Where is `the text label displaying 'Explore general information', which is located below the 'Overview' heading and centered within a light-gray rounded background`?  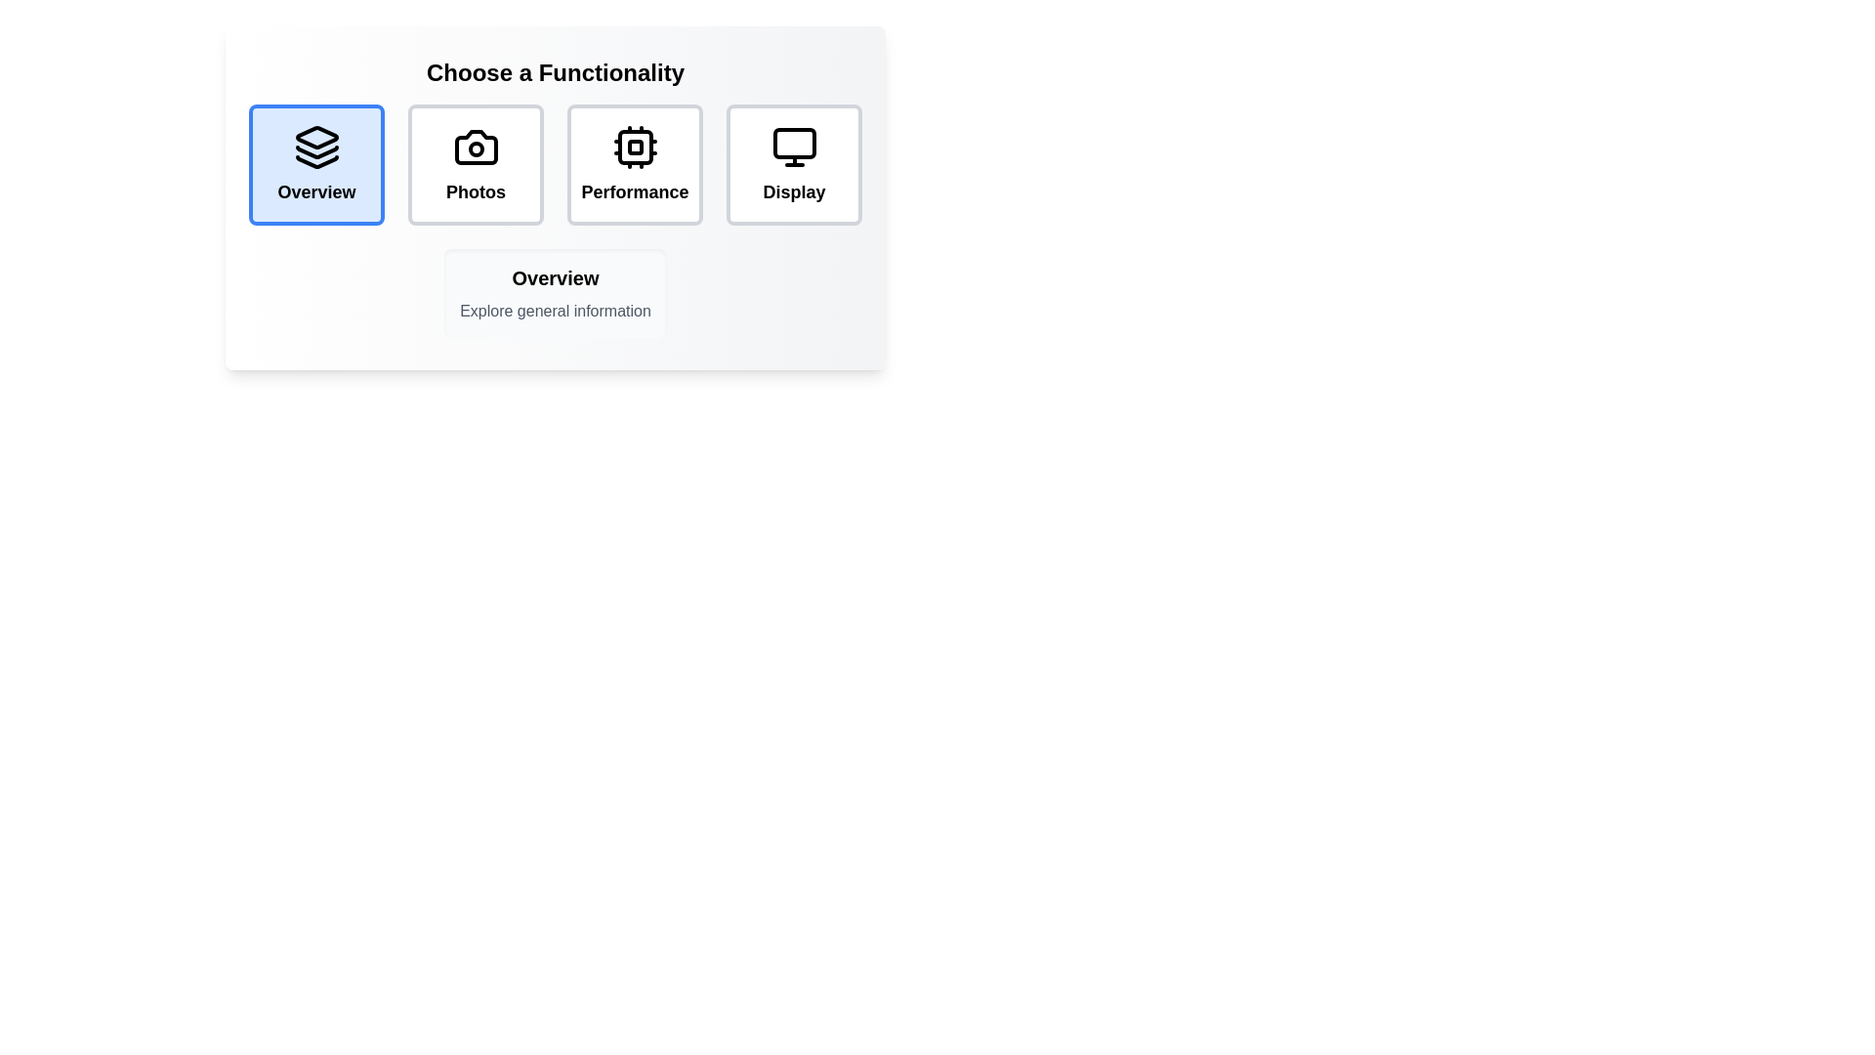
the text label displaying 'Explore general information', which is located below the 'Overview' heading and centered within a light-gray rounded background is located at coordinates (554, 311).